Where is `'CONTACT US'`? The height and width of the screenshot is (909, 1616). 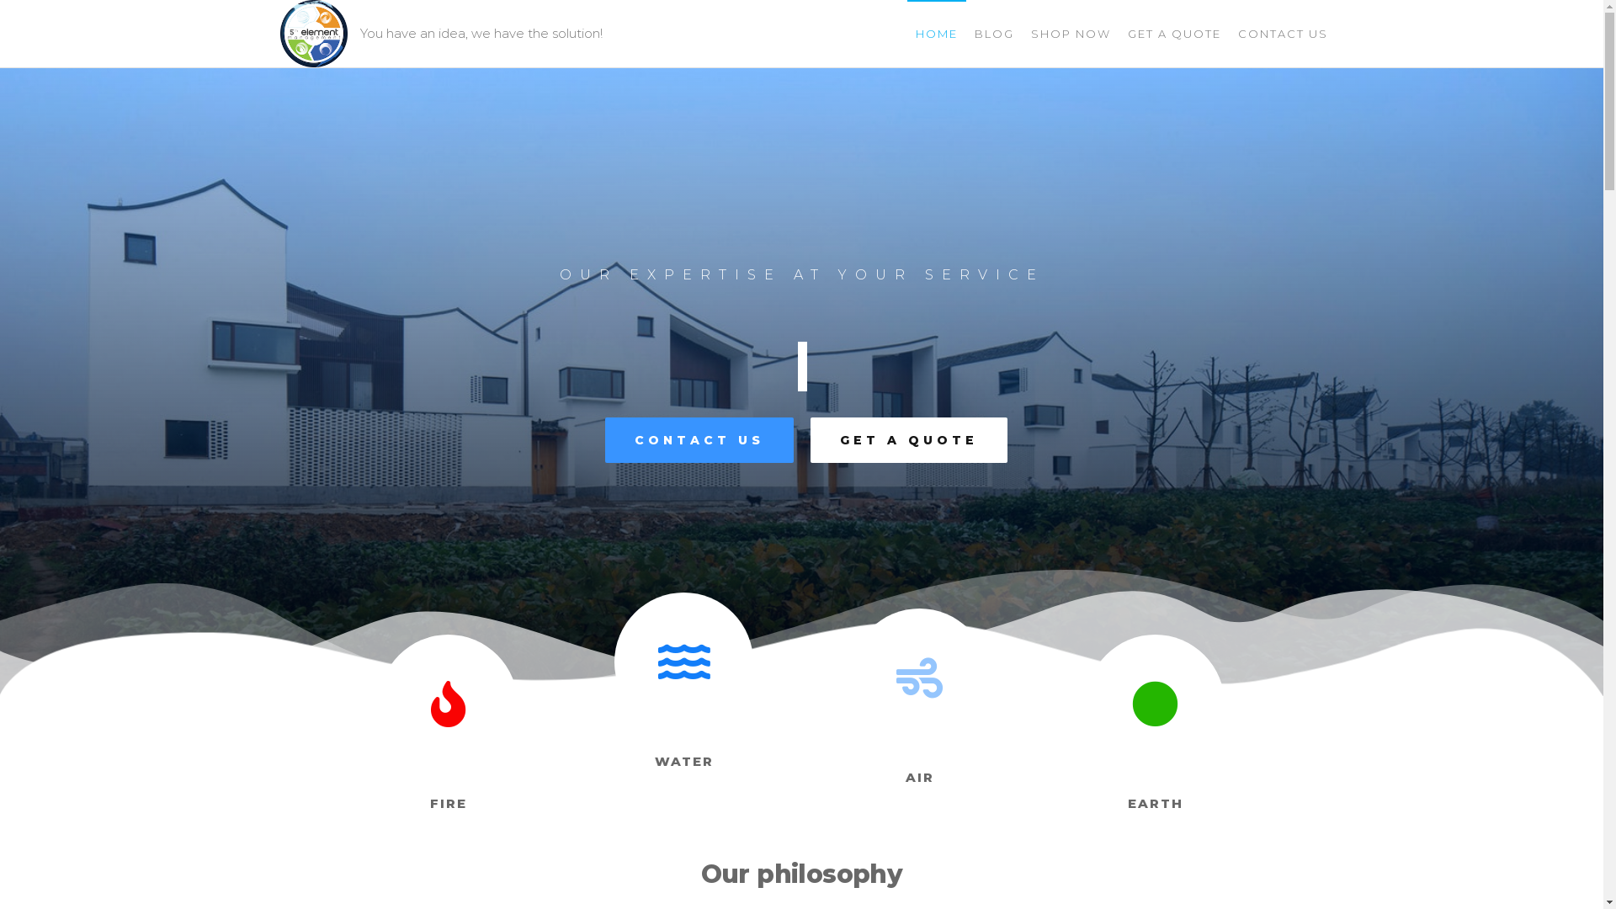 'CONTACT US' is located at coordinates (699, 439).